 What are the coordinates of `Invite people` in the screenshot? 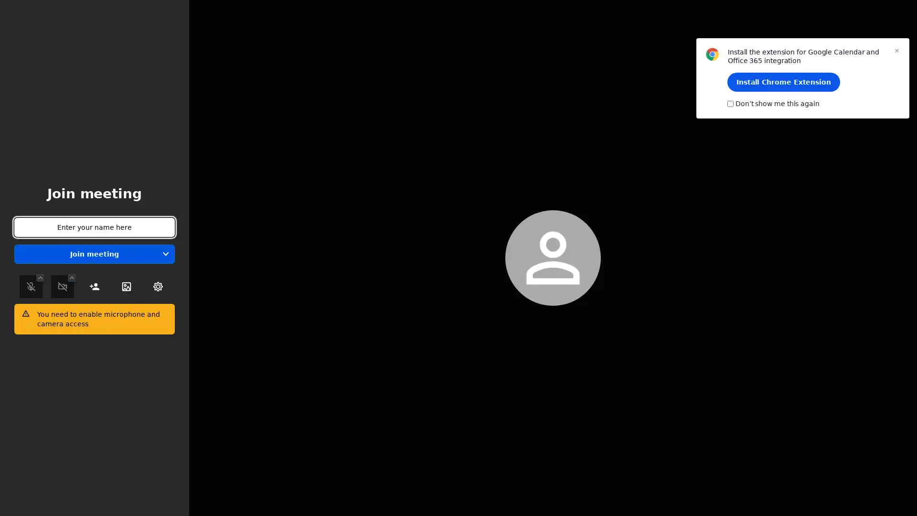 It's located at (94, 286).